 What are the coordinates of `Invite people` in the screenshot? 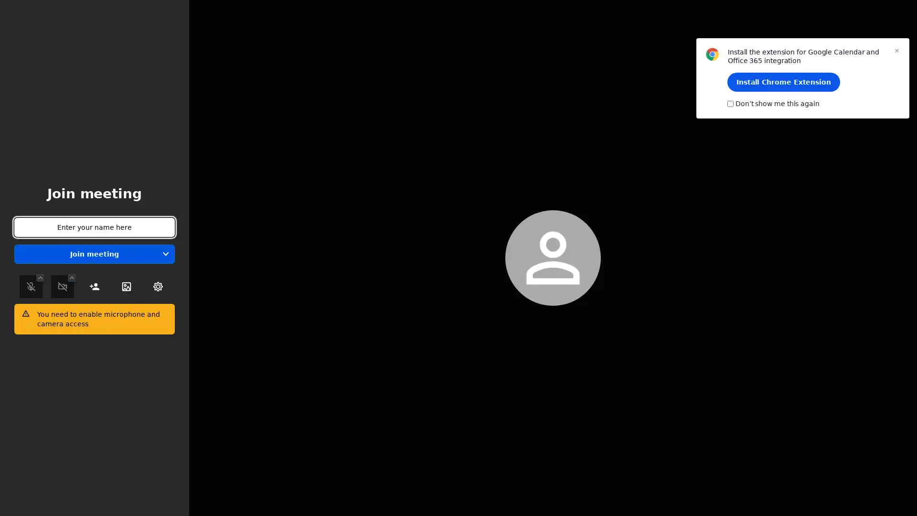 It's located at (94, 286).